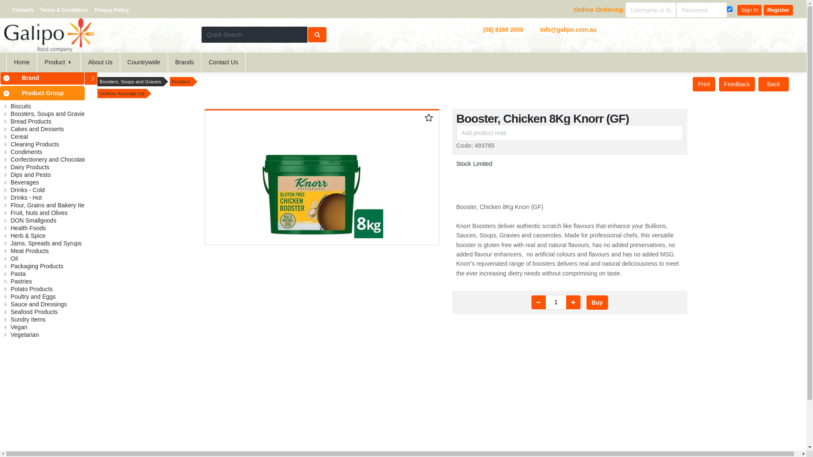 The width and height of the screenshot is (813, 457). Describe the element at coordinates (36, 129) in the screenshot. I see `'Cakes and Desserts'` at that location.